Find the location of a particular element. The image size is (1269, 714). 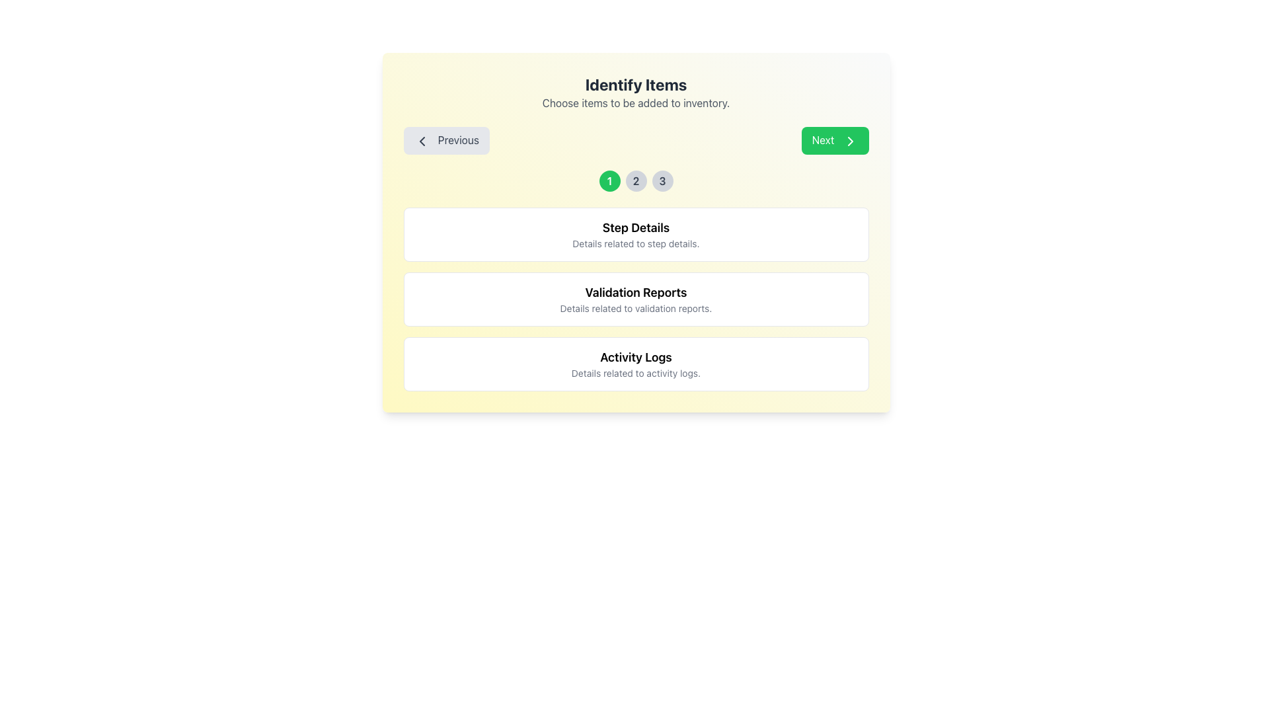

the 'Activity Logs' informational section, which contains the title 'Activity Logs' and the descriptive text 'Details related to activity logs.' is located at coordinates (636, 364).